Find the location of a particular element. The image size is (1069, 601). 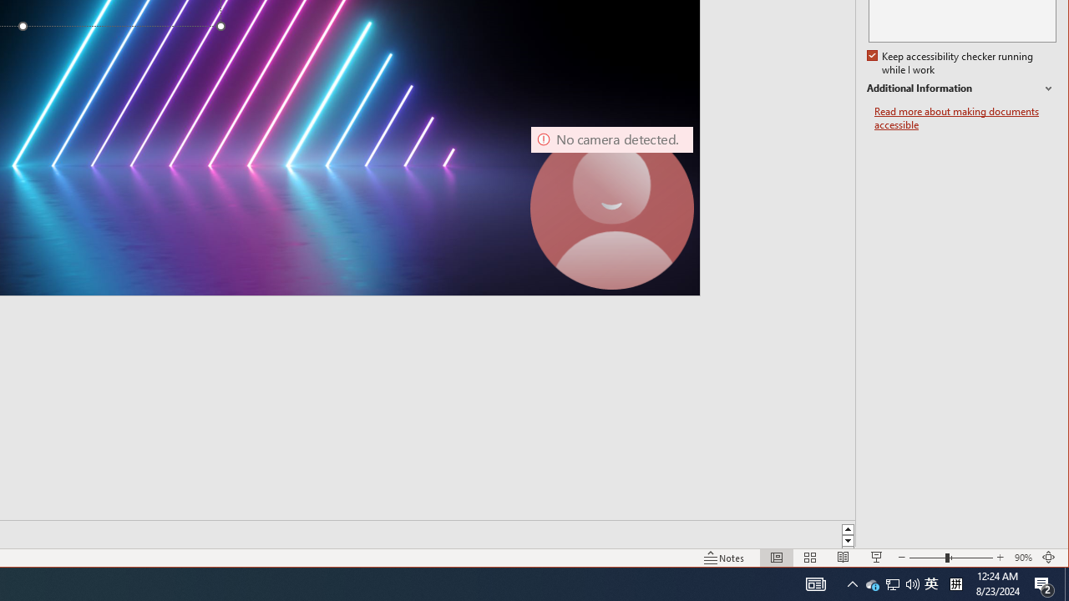

'Zoom 90%' is located at coordinates (1022, 558).